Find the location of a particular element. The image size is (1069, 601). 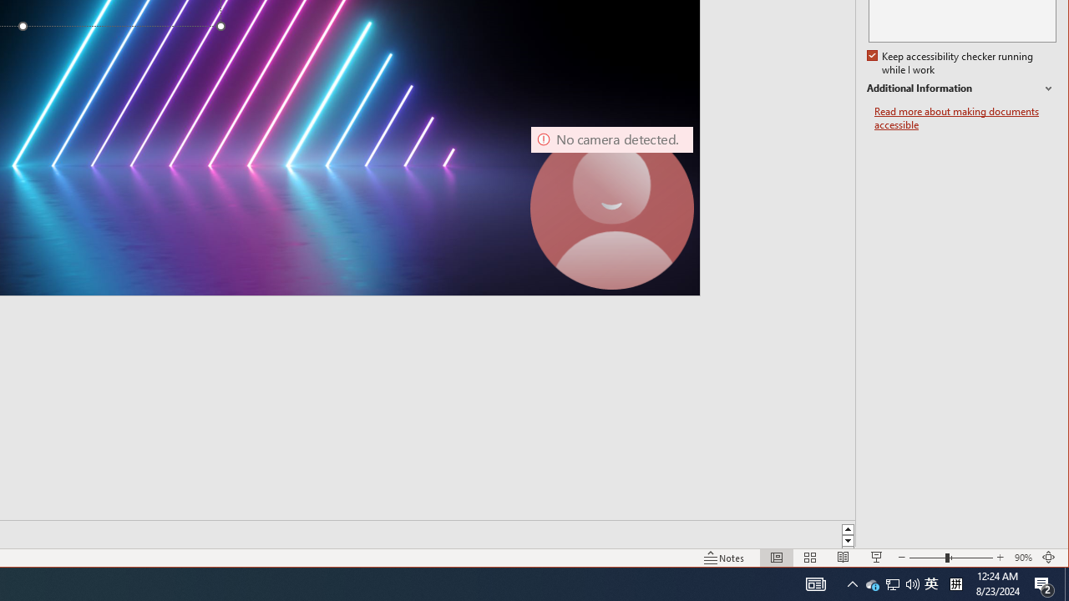

'Zoom 90%' is located at coordinates (1022, 558).